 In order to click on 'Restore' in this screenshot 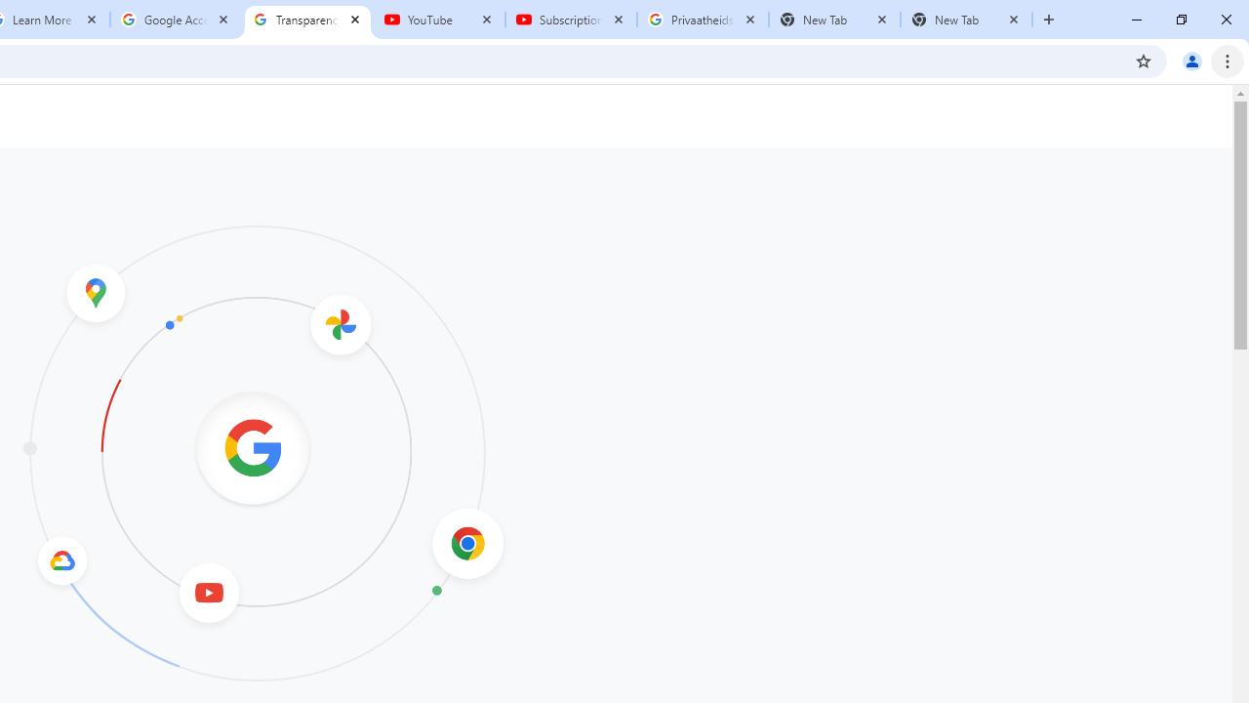, I will do `click(1180, 20)`.